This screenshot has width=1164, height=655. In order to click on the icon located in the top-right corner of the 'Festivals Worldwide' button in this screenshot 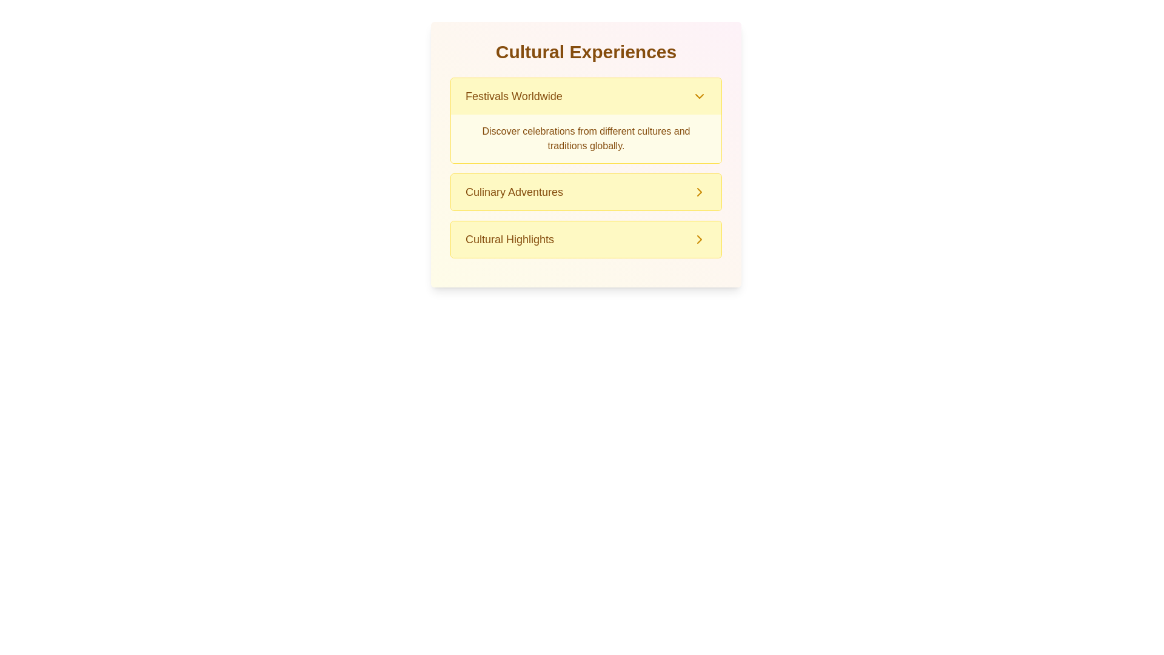, I will do `click(699, 95)`.